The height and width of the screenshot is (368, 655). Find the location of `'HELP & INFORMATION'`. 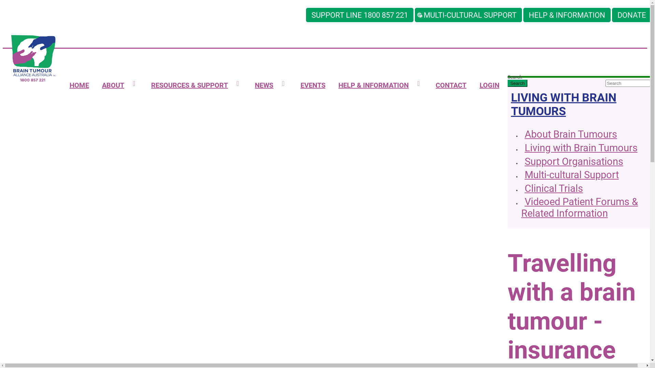

'HELP & INFORMATION' is located at coordinates (523, 15).